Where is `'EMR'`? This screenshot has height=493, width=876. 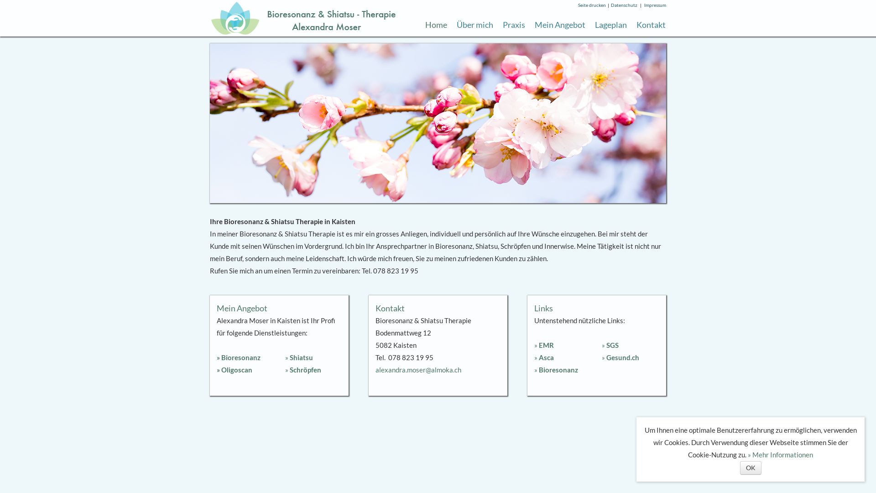 'EMR' is located at coordinates (545, 345).